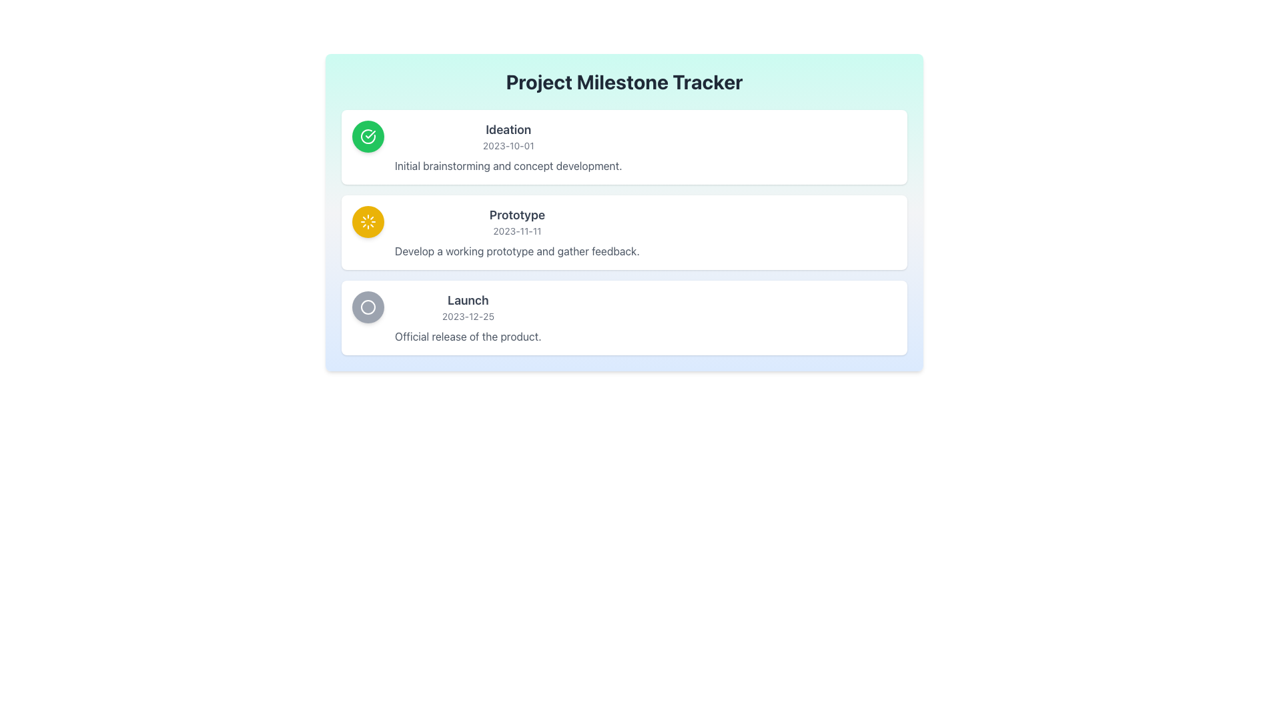 The width and height of the screenshot is (1281, 720). Describe the element at coordinates (468, 318) in the screenshot. I see `textual content of the third card in the 'Project Milestone Tracker' section, which contains information about a milestone including its name, date, and a brief note` at that location.